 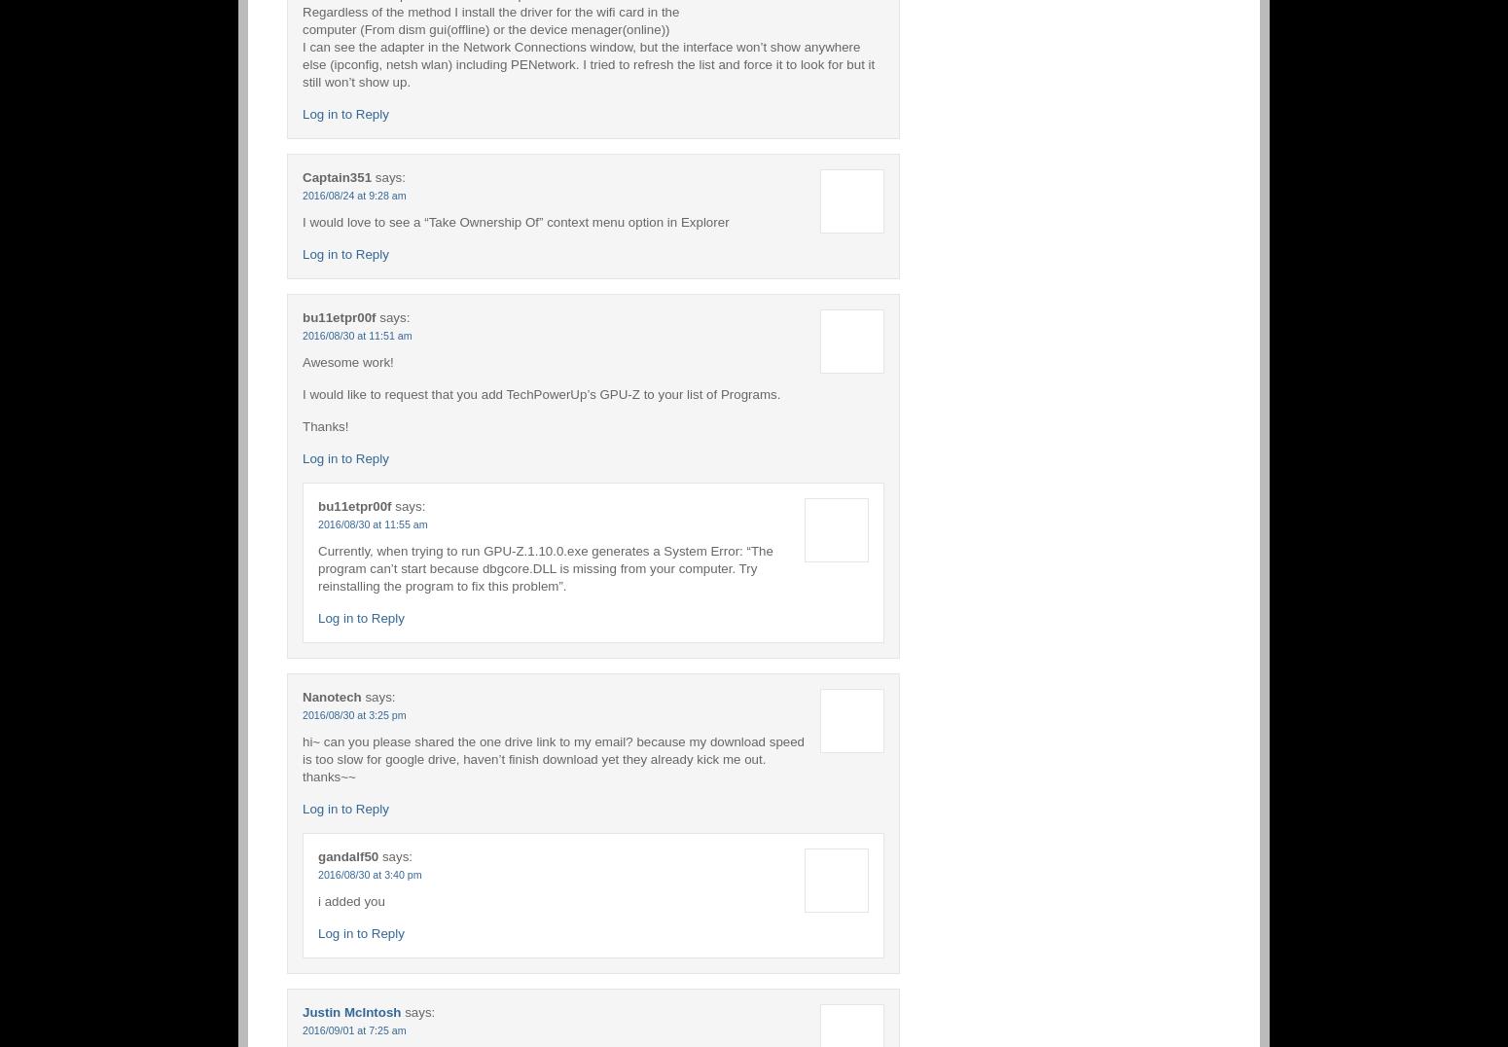 I want to click on 'Awesome work!', so click(x=302, y=360).